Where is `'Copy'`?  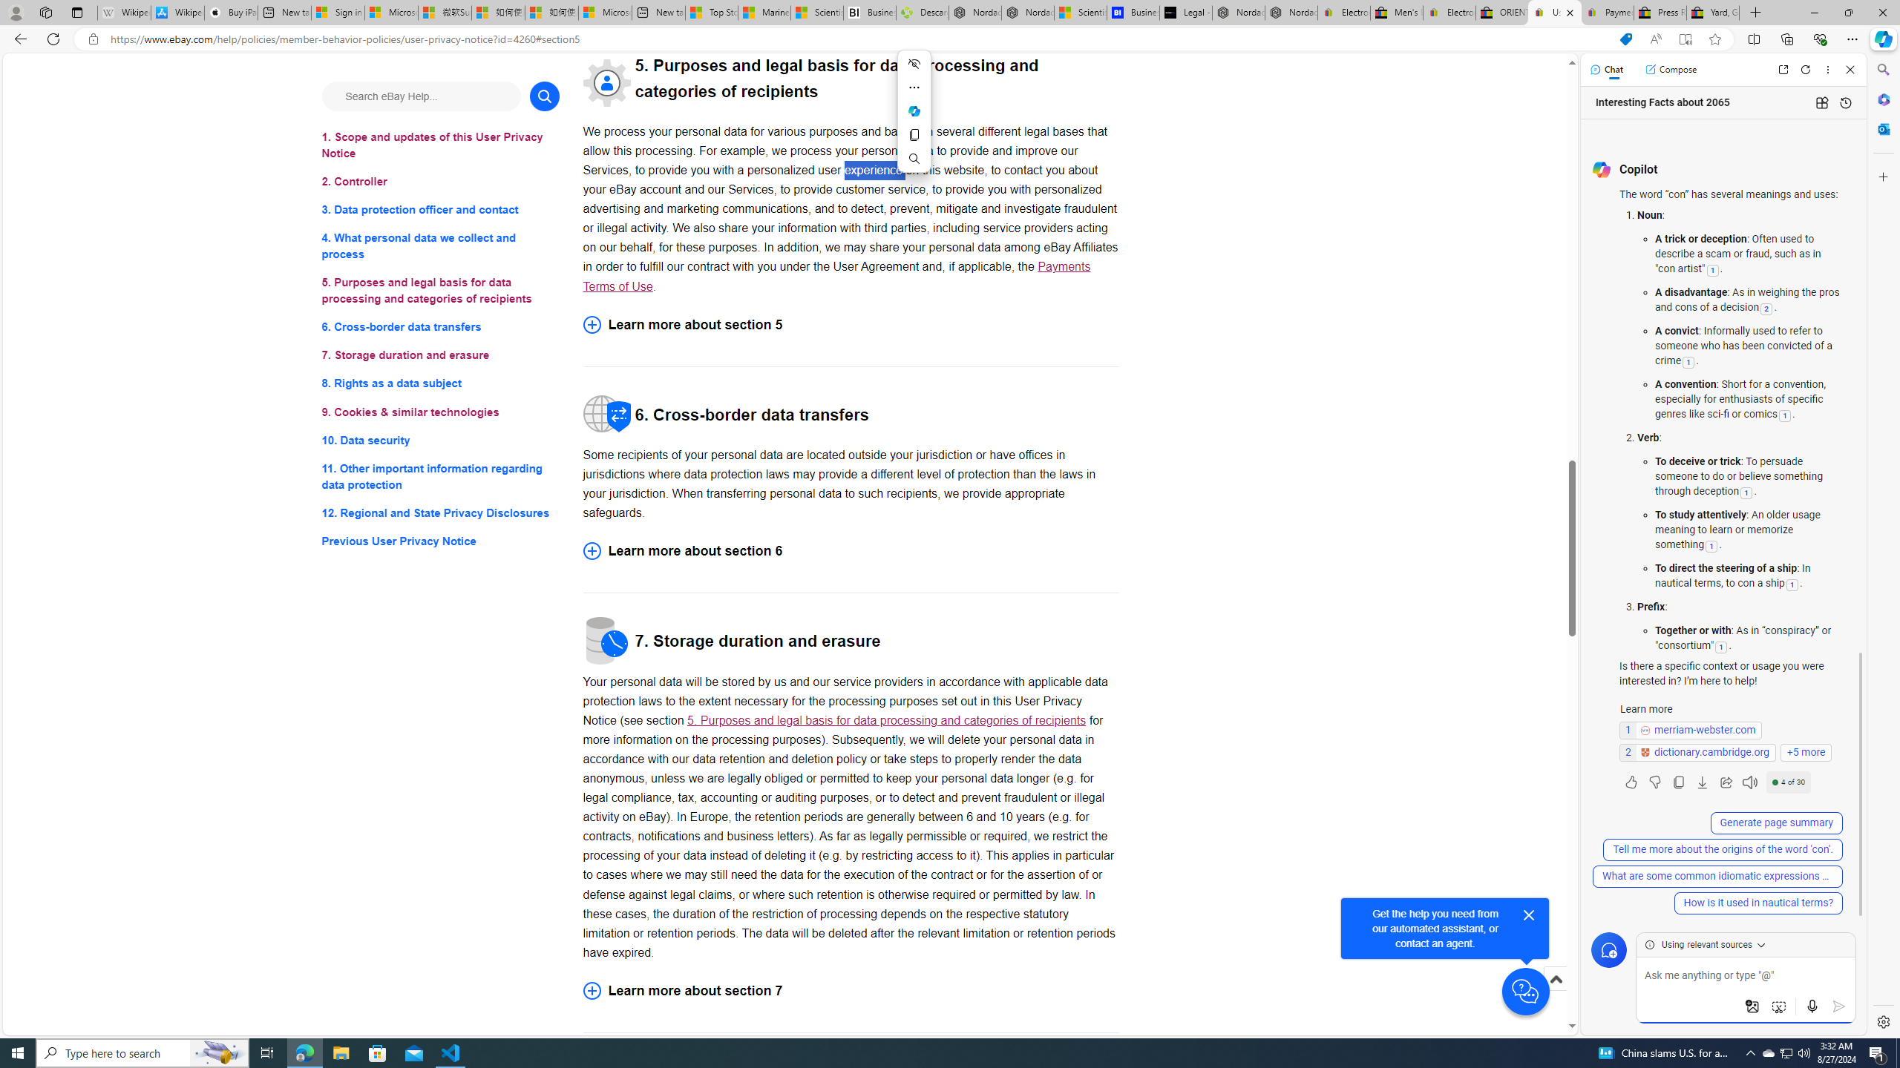
'Copy' is located at coordinates (914, 134).